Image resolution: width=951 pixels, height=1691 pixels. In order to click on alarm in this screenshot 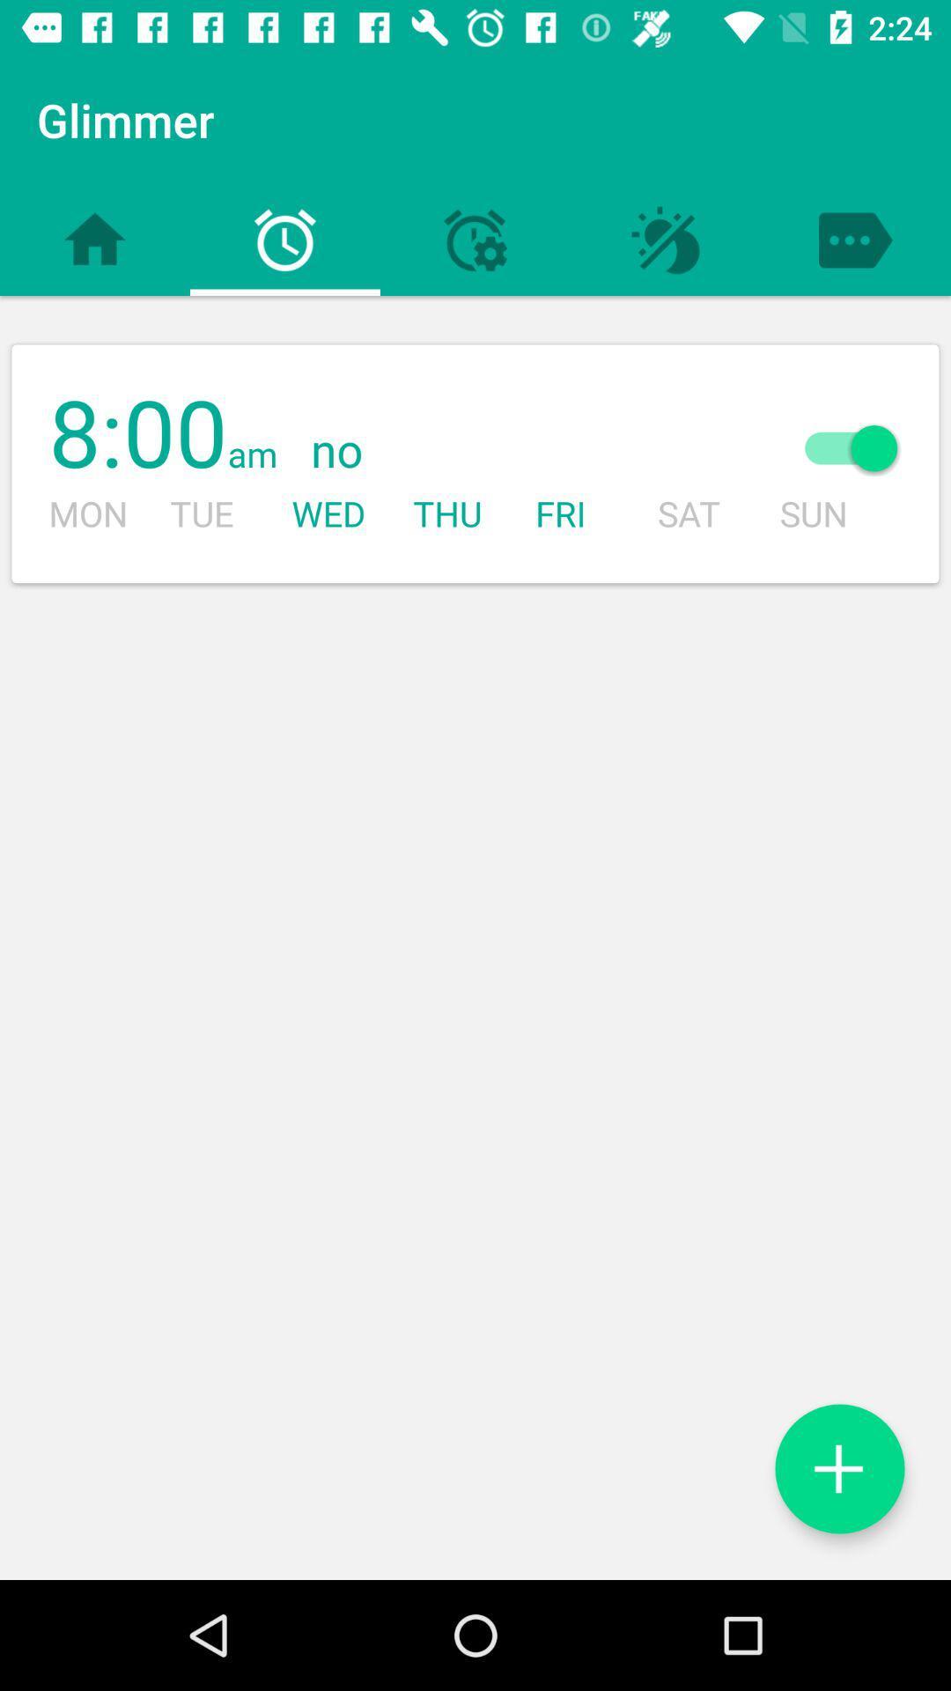, I will do `click(838, 1468)`.